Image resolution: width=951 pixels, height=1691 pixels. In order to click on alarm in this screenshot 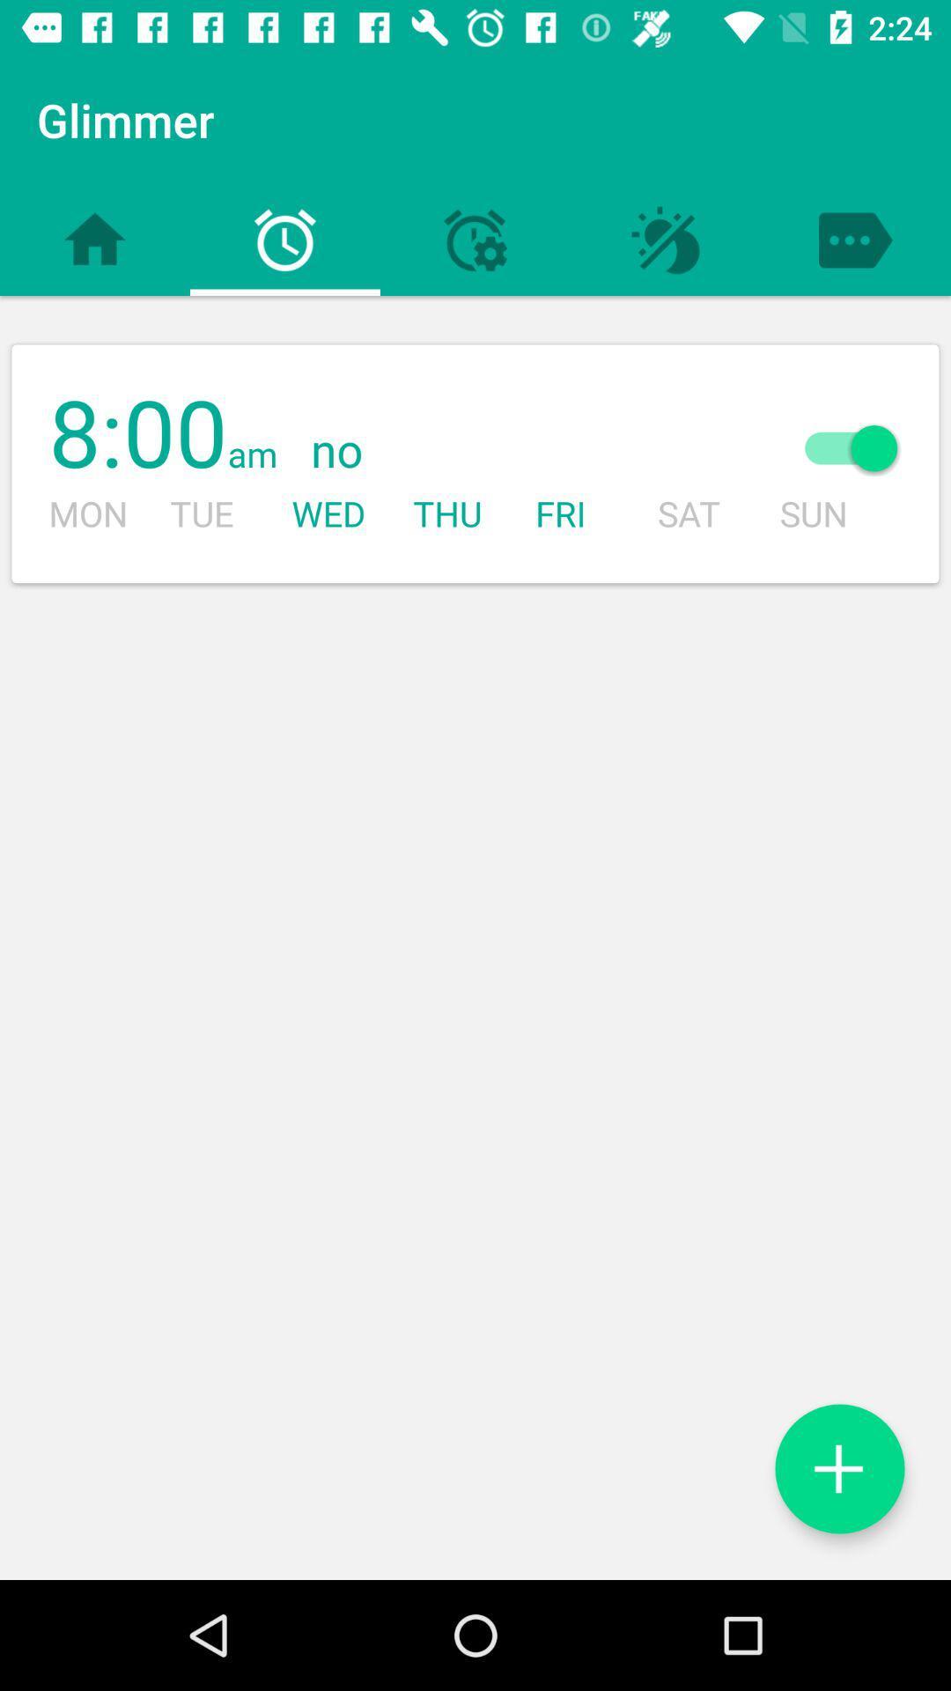, I will do `click(838, 1468)`.